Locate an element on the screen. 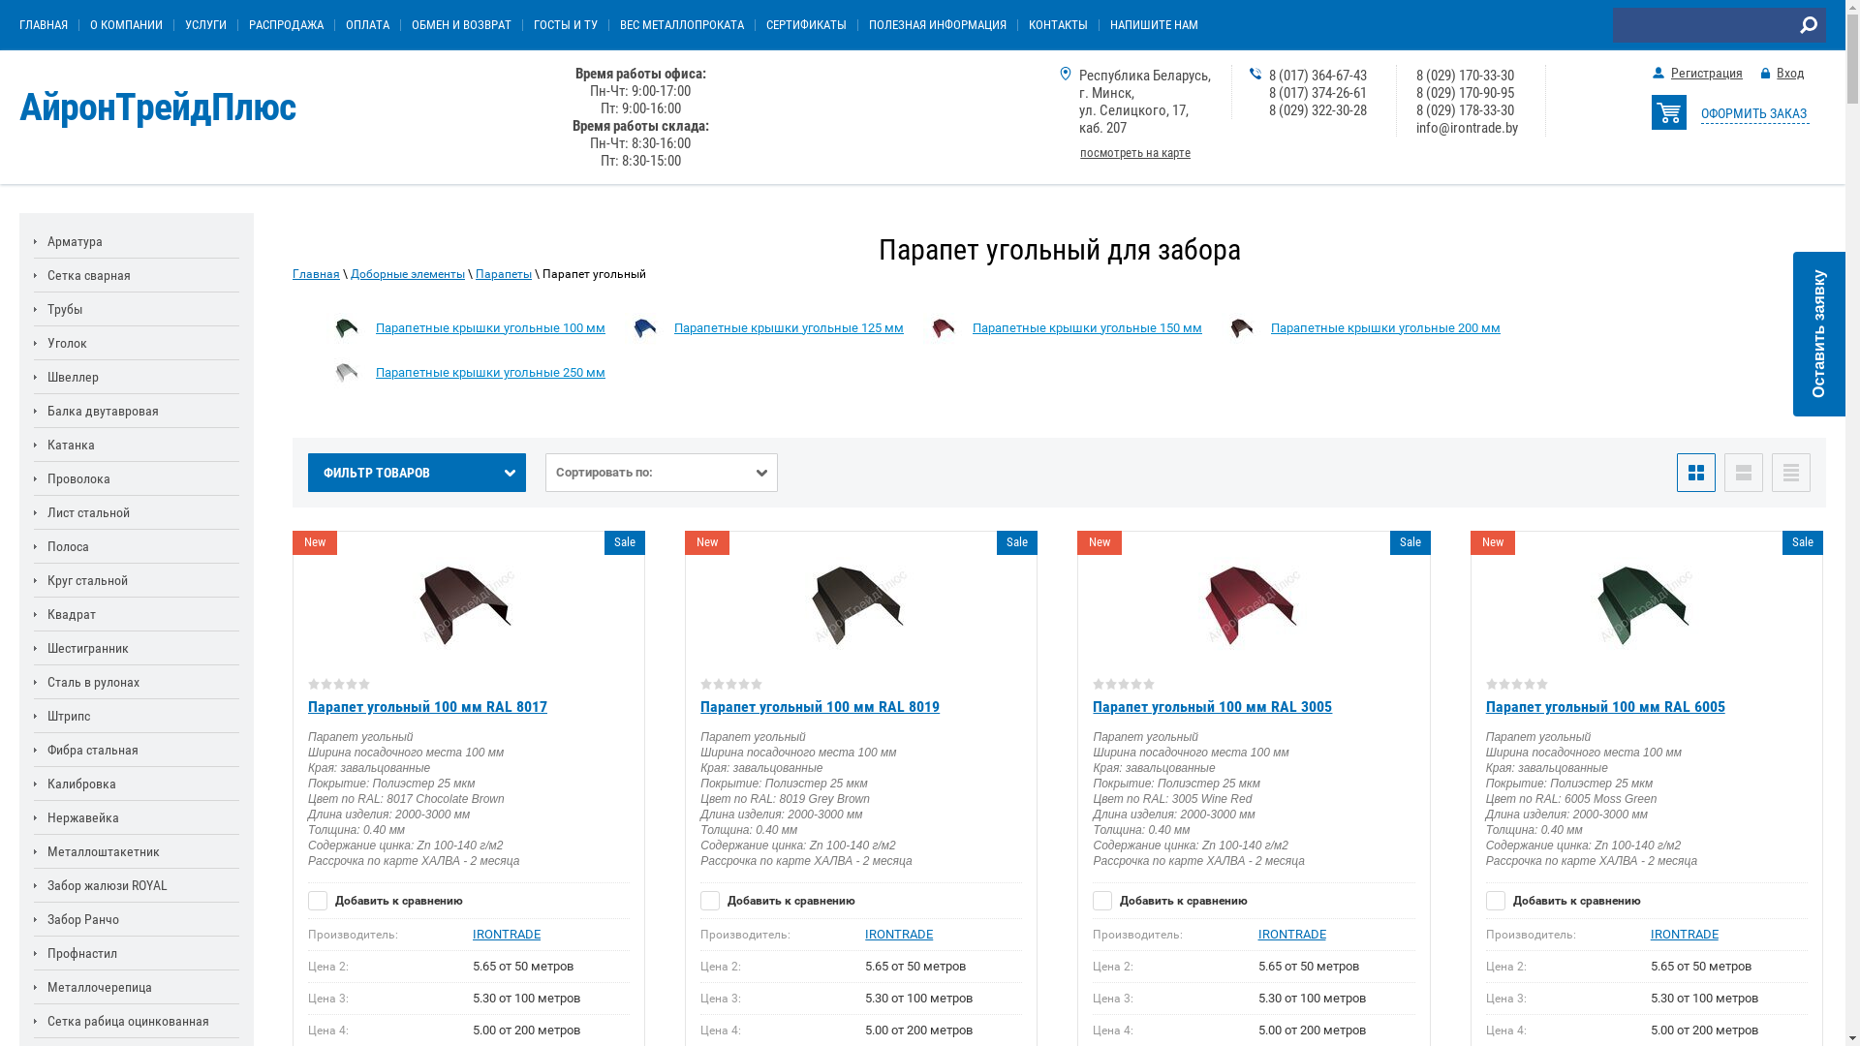  '8 (029) 170-90-95' is located at coordinates (1465, 93).